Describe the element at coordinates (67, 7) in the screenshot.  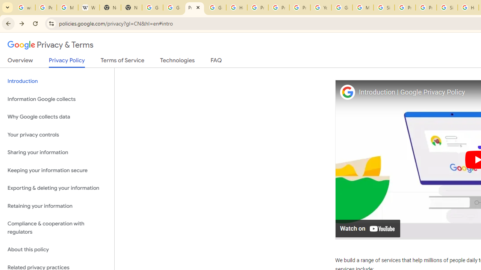
I see `'Manage your Location History - Google Search Help'` at that location.